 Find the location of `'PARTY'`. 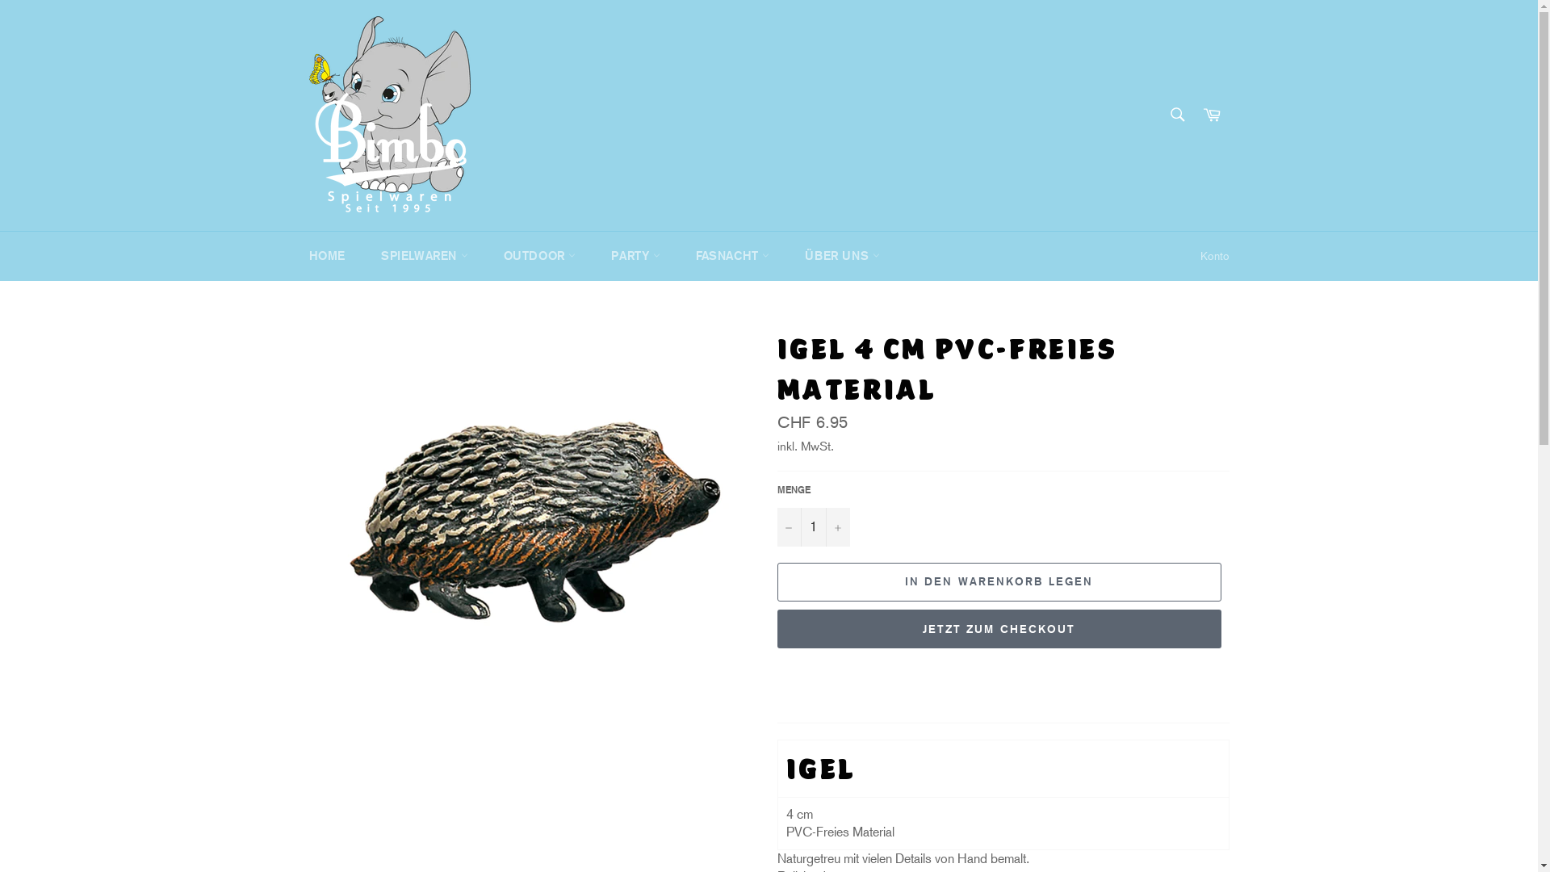

'PARTY' is located at coordinates (635, 255).